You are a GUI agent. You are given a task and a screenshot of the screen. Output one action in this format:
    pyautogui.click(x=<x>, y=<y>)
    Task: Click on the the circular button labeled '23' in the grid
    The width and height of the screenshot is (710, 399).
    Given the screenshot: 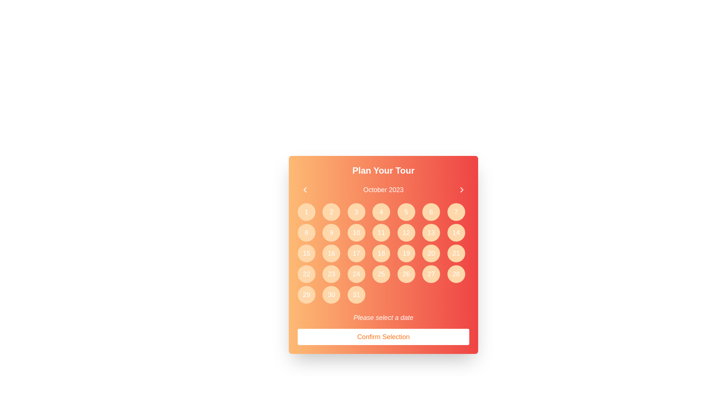 What is the action you would take?
    pyautogui.click(x=331, y=274)
    